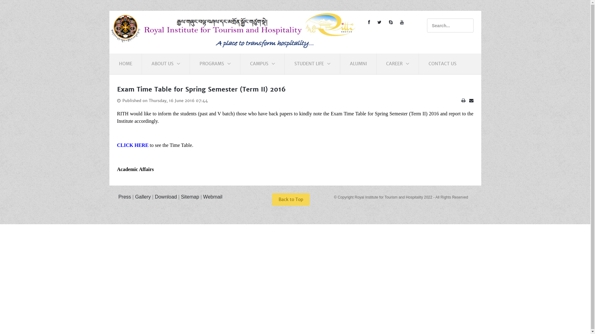 The image size is (595, 334). What do you see at coordinates (117, 197) in the screenshot?
I see `' Press'` at bounding box center [117, 197].